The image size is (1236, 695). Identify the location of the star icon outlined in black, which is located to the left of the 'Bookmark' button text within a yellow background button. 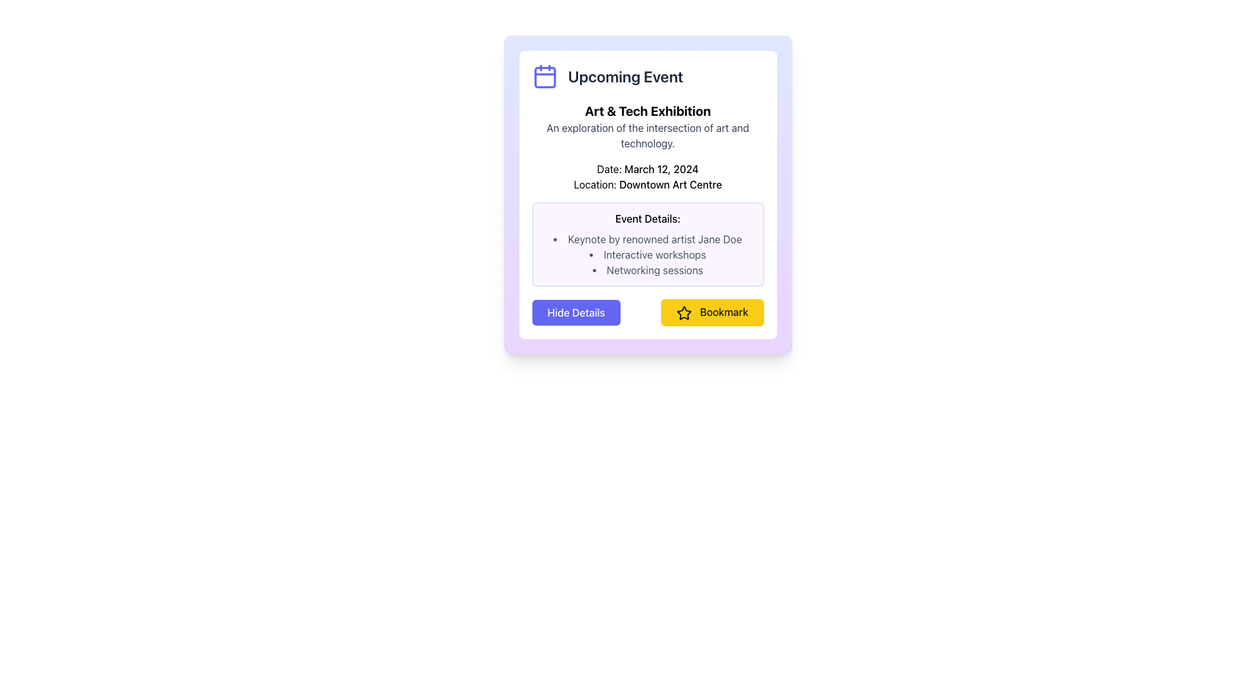
(684, 313).